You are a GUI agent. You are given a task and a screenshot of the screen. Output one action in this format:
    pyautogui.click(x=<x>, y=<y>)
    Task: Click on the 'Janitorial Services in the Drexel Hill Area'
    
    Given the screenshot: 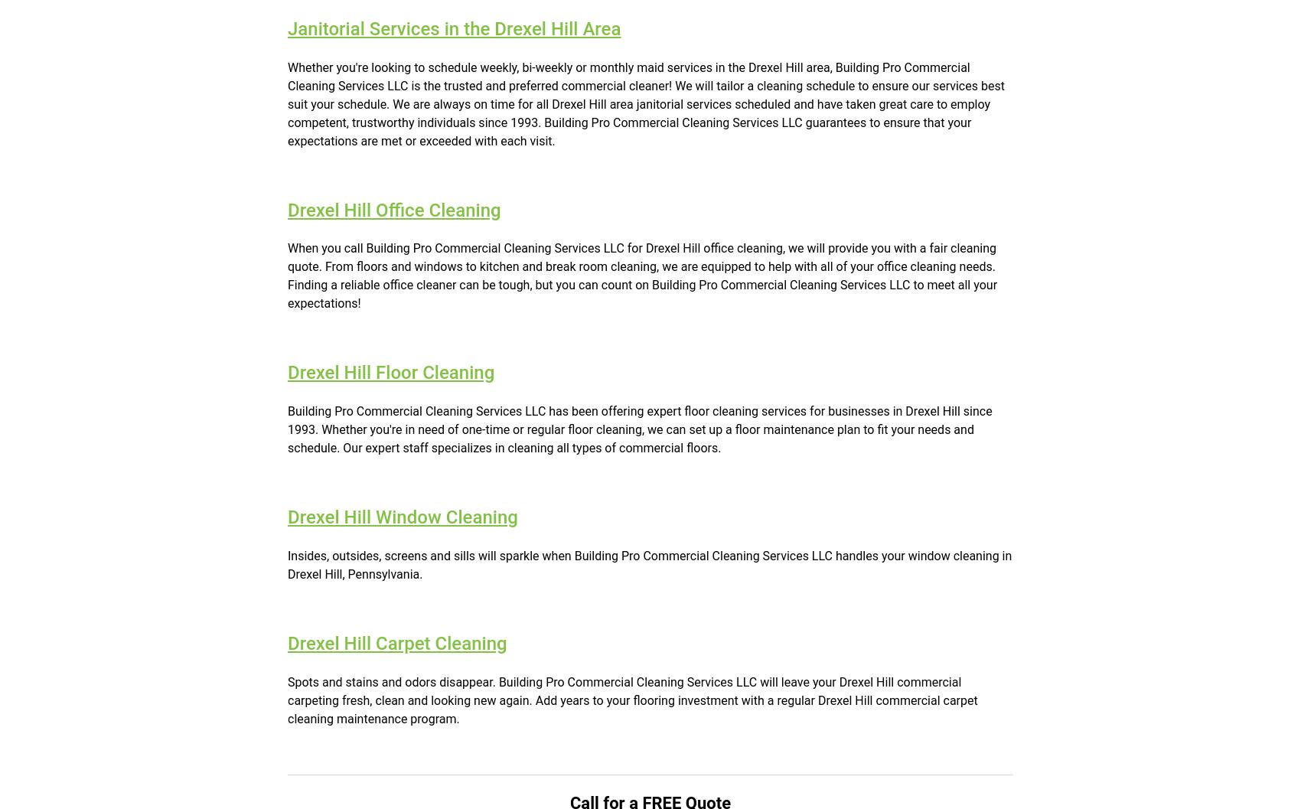 What is the action you would take?
    pyautogui.click(x=453, y=28)
    